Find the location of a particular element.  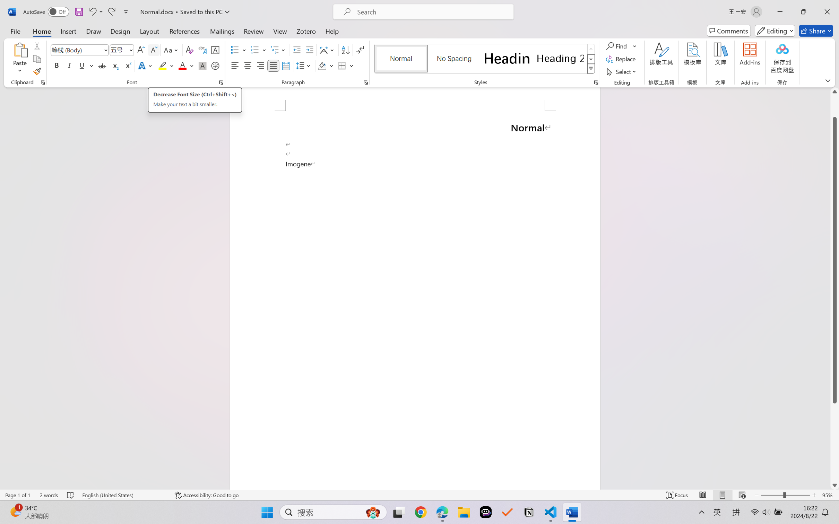

'Shading' is located at coordinates (326, 65).